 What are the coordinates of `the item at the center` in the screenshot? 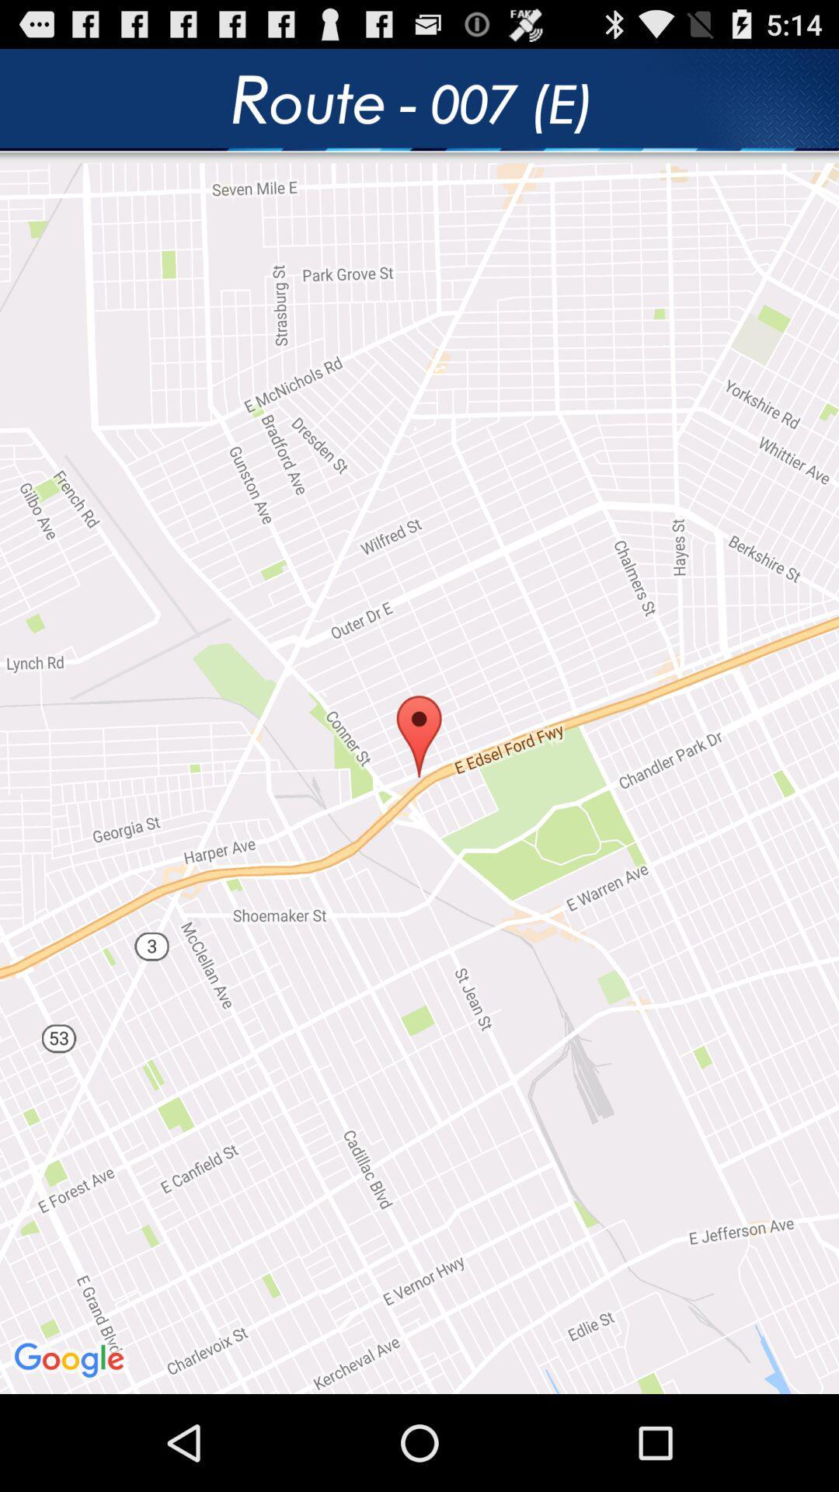 It's located at (419, 779).